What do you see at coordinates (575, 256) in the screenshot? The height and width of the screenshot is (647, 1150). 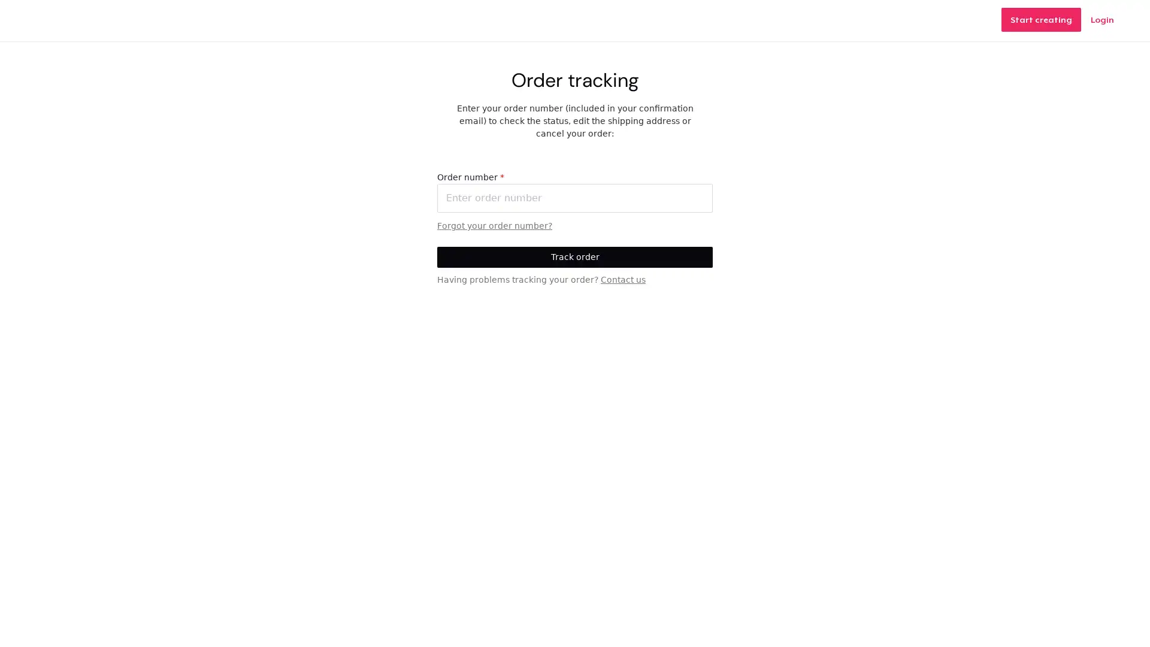 I see `Track order` at bounding box center [575, 256].